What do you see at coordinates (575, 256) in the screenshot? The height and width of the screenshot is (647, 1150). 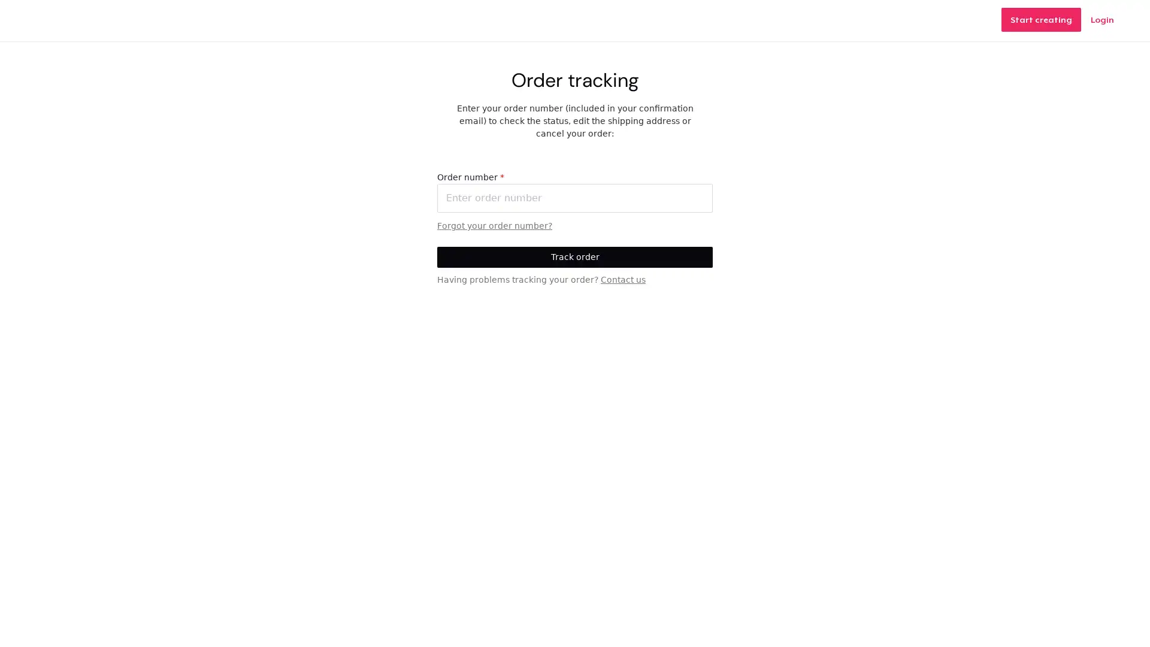 I see `Track order` at bounding box center [575, 256].